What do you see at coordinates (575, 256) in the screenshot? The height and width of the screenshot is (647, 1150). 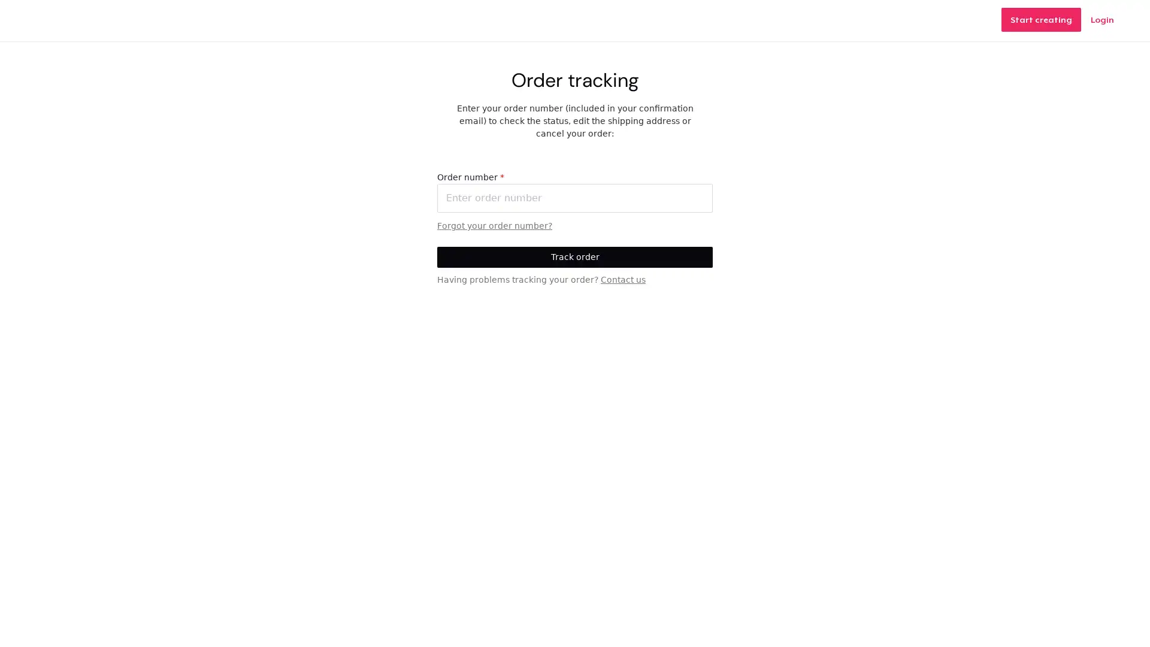 I see `Track order` at bounding box center [575, 256].